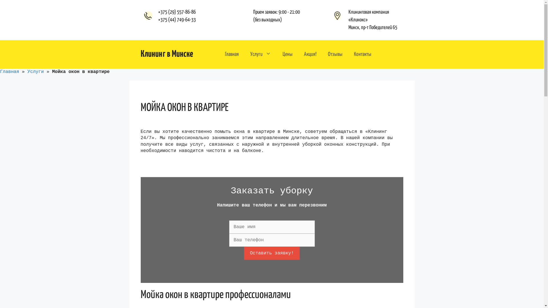  What do you see at coordinates (176, 12) in the screenshot?
I see `'+375 (29) 557-86-86'` at bounding box center [176, 12].